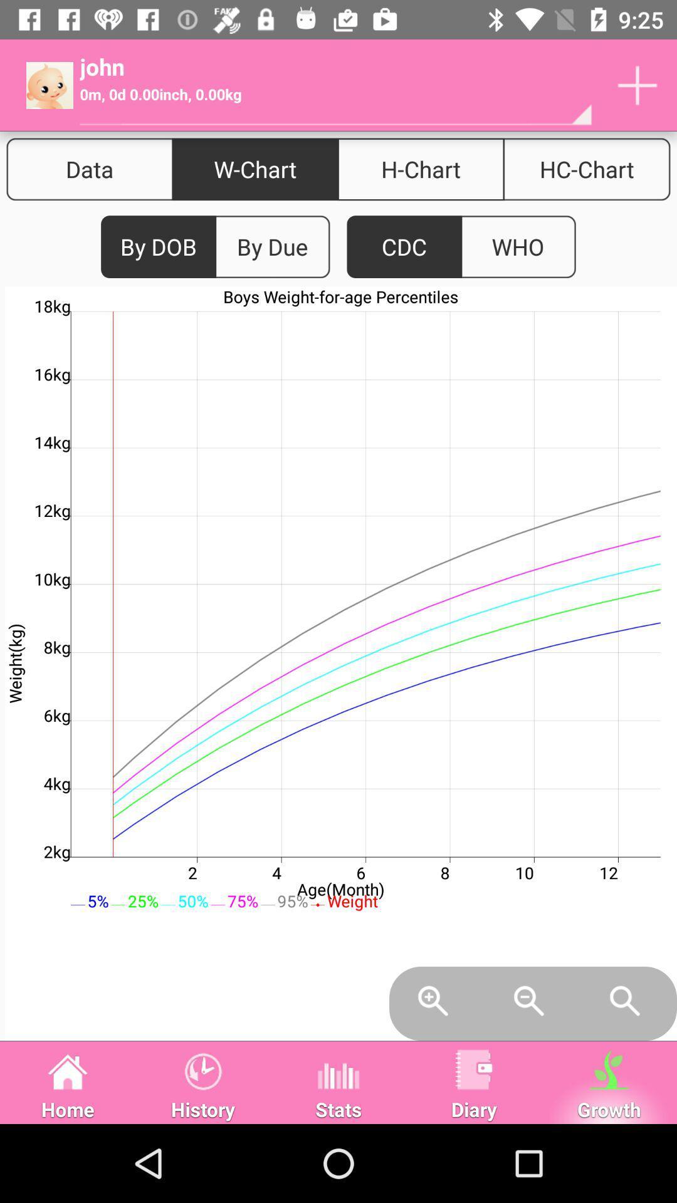 The image size is (677, 1203). Describe the element at coordinates (638, 85) in the screenshot. I see `icon to the right of 0m 0d 0 icon` at that location.